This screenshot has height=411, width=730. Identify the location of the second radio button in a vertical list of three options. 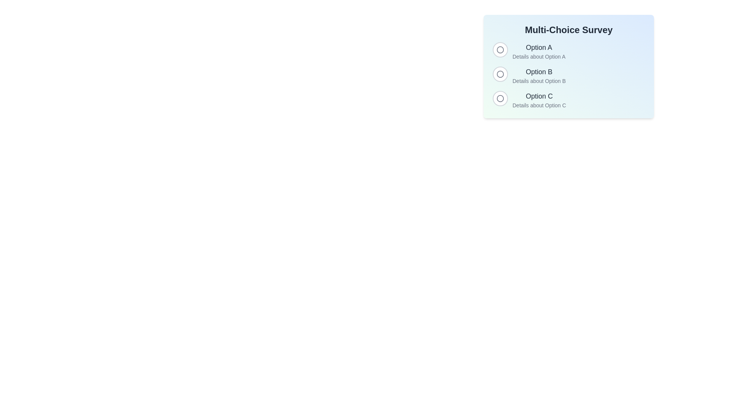
(500, 74).